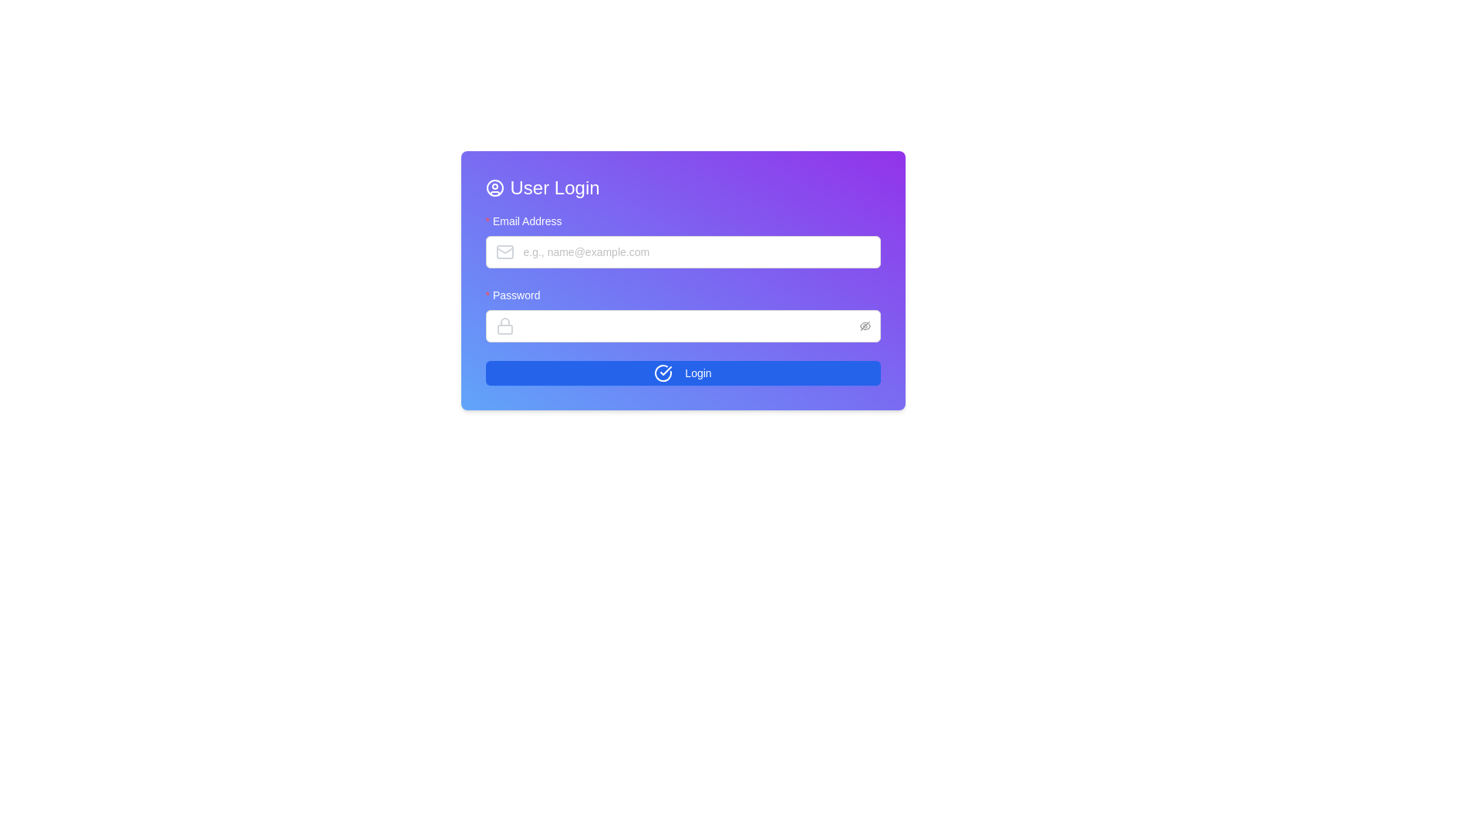  Describe the element at coordinates (527, 221) in the screenshot. I see `the Text Label that identifies the email input field, which is located above the email input field and next to a small red asterisk` at that location.